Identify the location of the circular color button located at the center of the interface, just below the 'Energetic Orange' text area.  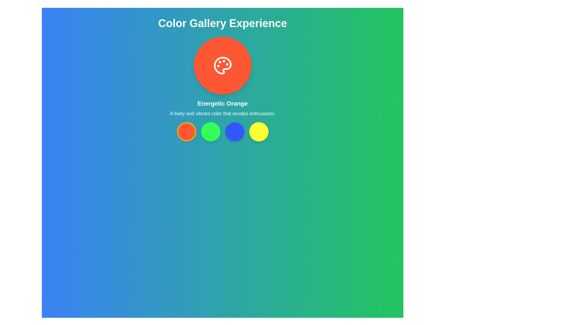
(222, 132).